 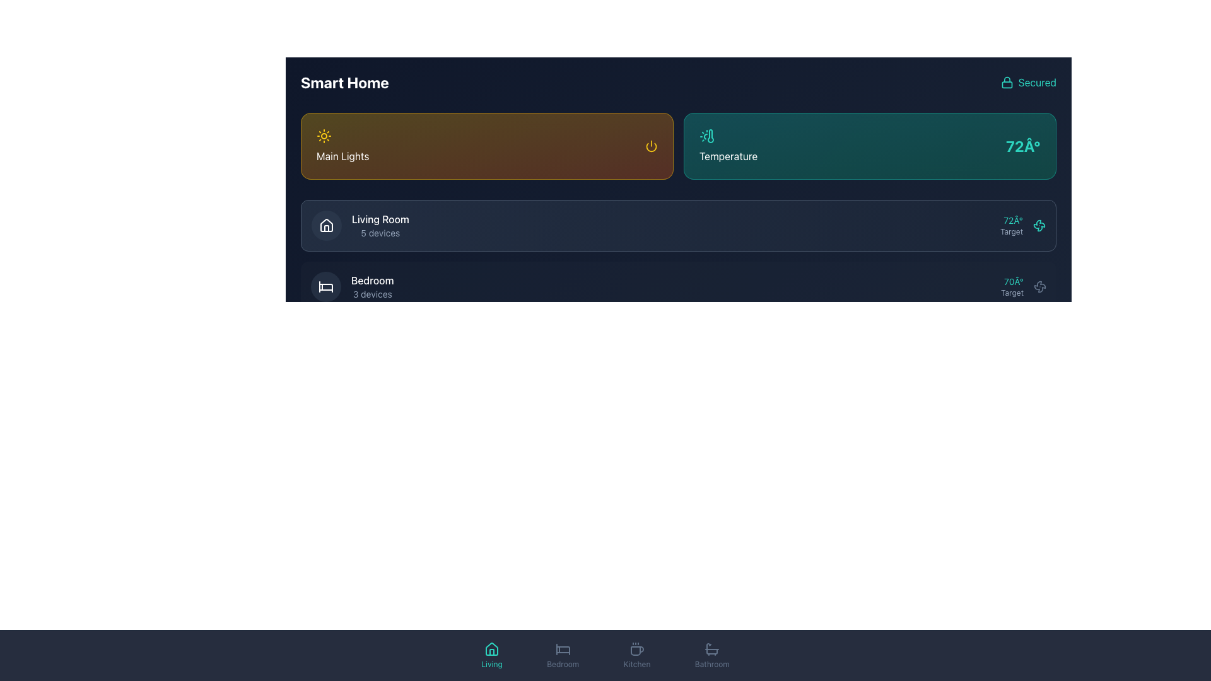 What do you see at coordinates (712, 663) in the screenshot?
I see `text label for the 'Bathroom' navigation button, which is located in the bottom navigation bar under the bathtub icon` at bounding box center [712, 663].